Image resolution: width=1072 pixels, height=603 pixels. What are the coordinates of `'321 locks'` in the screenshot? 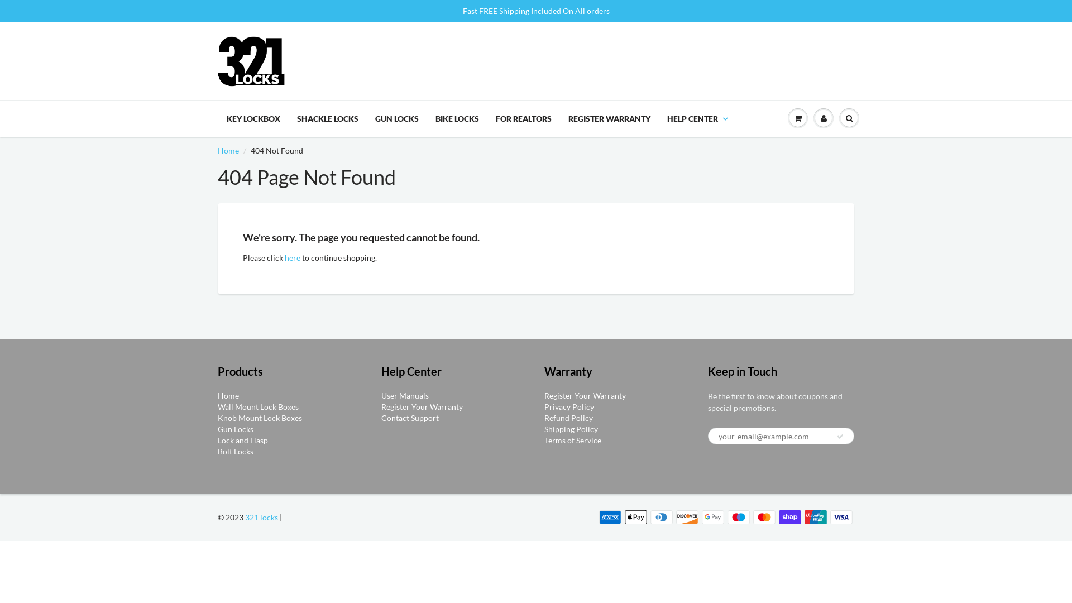 It's located at (244, 517).